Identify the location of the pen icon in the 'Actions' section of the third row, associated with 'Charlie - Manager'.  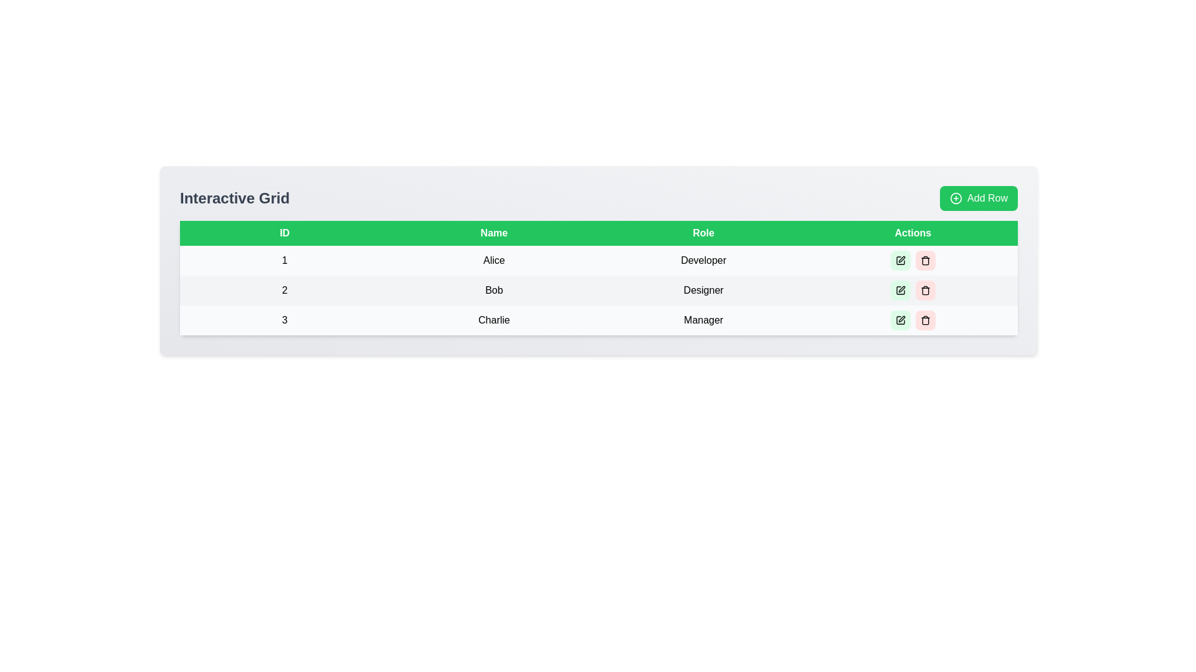
(900, 320).